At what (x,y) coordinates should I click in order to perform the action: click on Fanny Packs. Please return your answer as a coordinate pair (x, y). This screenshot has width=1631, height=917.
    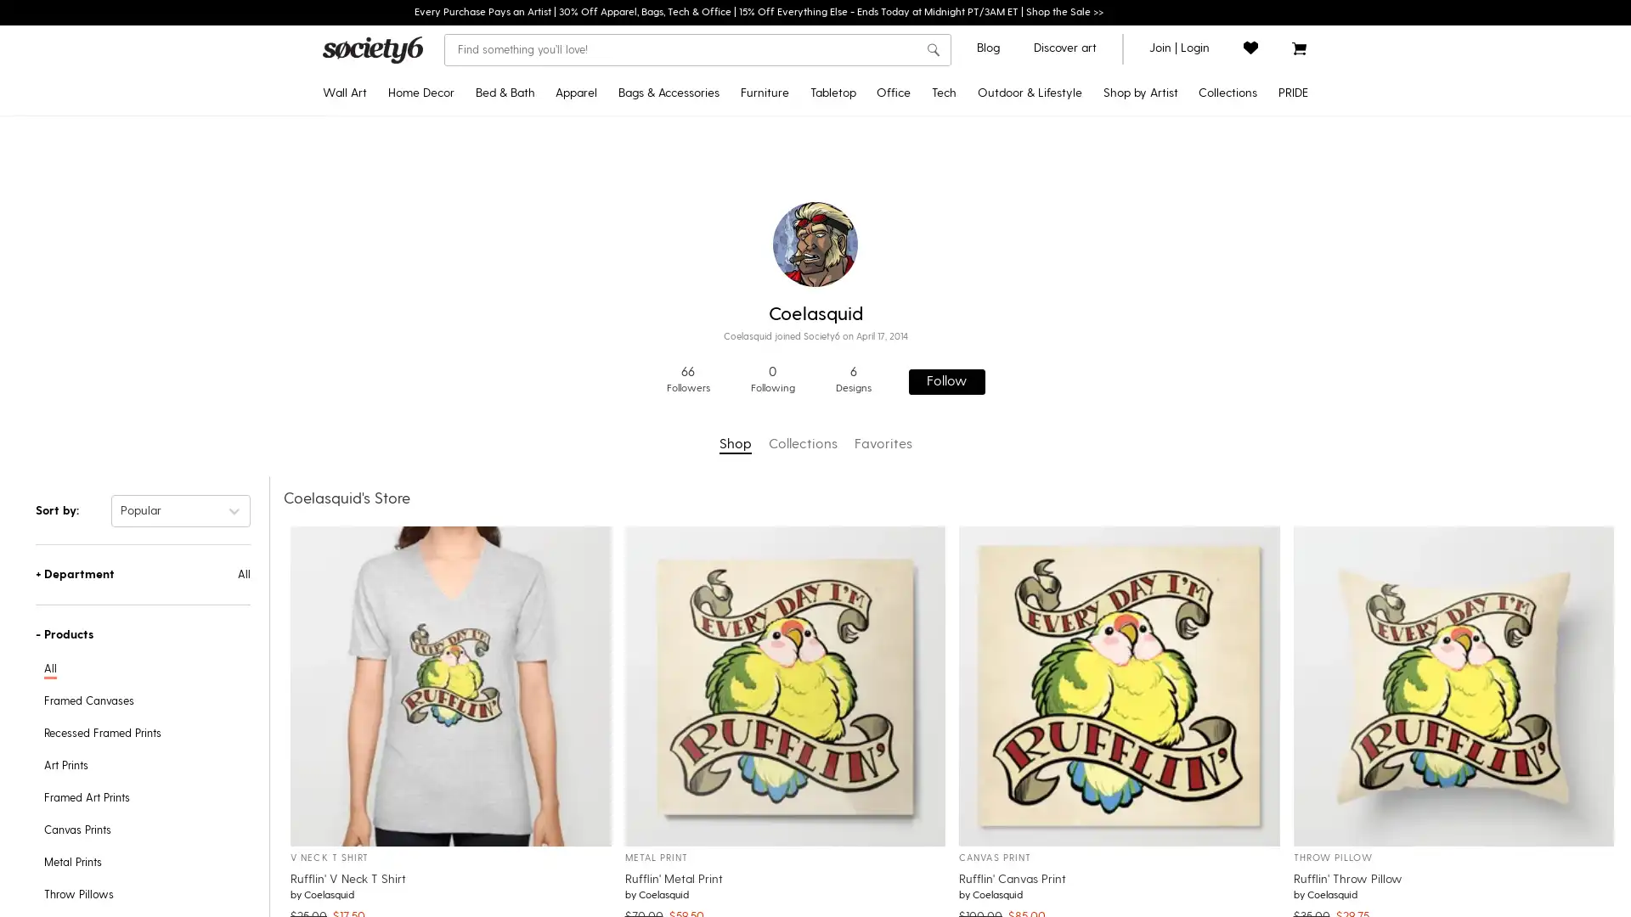
    Looking at the image, I should click on (680, 272).